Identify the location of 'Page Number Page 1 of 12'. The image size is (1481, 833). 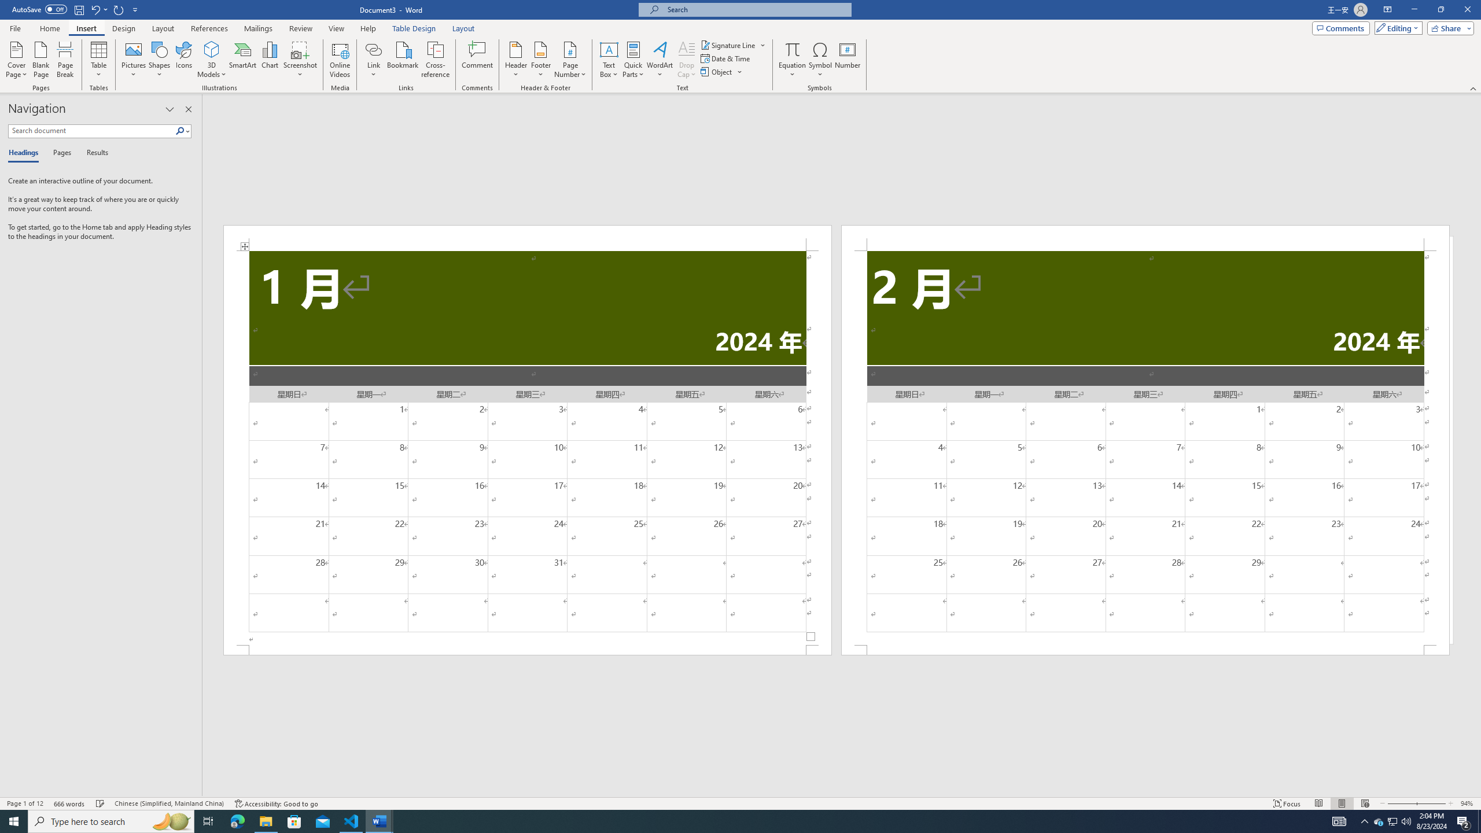
(24, 803).